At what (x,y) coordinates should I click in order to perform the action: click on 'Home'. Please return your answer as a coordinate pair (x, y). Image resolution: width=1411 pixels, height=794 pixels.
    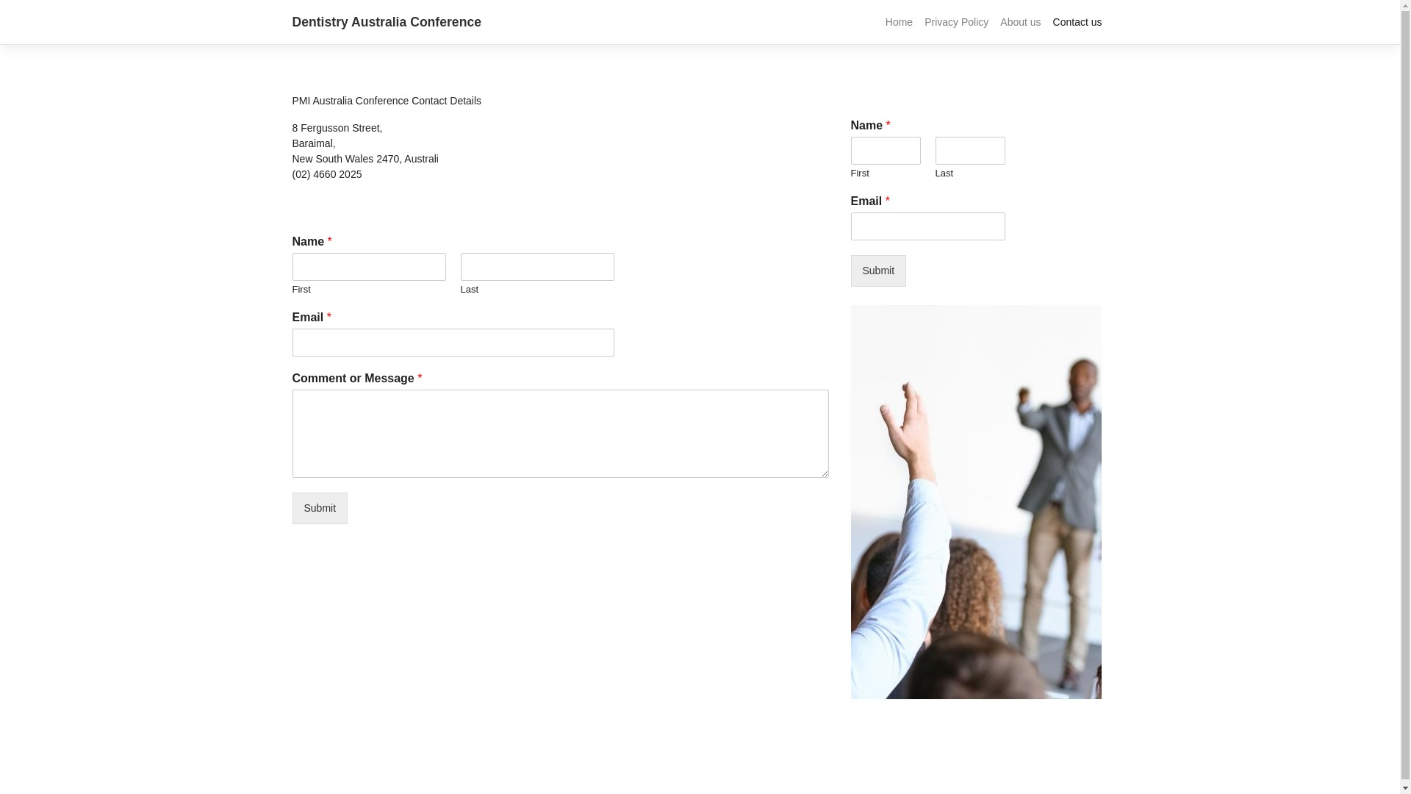
    Looking at the image, I should click on (898, 22).